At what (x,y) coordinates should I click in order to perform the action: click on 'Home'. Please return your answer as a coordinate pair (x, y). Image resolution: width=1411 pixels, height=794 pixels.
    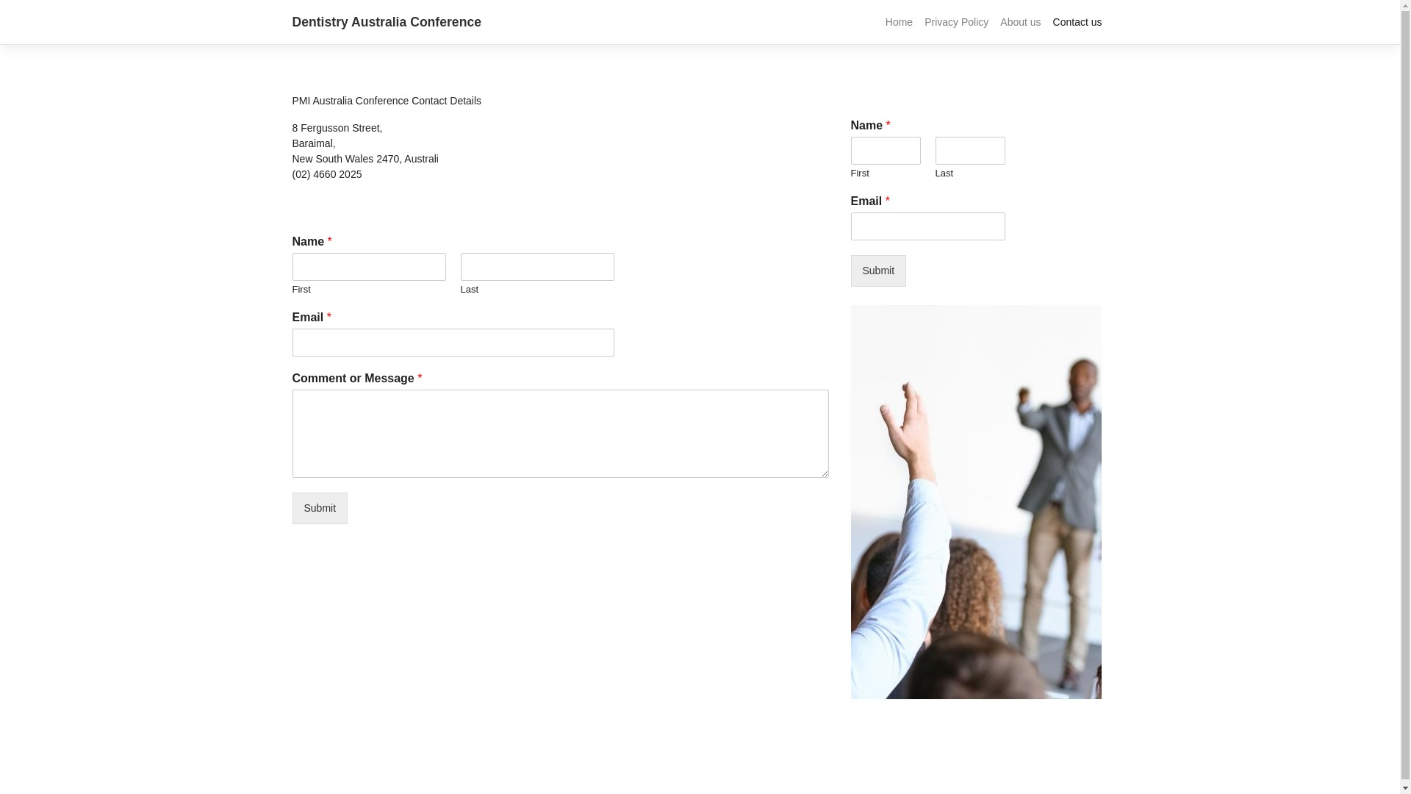
    Looking at the image, I should click on (898, 22).